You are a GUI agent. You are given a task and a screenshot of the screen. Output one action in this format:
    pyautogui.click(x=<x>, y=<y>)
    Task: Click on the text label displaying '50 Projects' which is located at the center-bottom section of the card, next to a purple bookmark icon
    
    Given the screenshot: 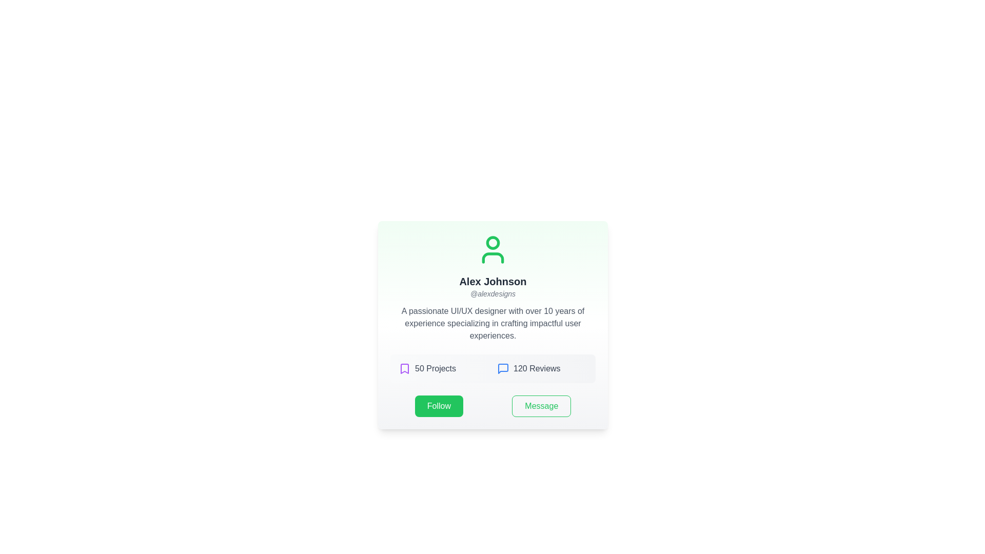 What is the action you would take?
    pyautogui.click(x=436, y=368)
    